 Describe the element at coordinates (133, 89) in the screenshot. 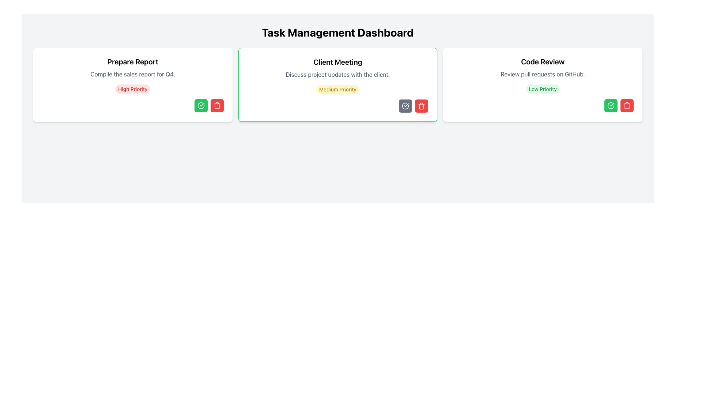

I see `the text label indicating the priority level of the task 'Prepare Report', which is located within the corresponding card on the dashboard` at that location.